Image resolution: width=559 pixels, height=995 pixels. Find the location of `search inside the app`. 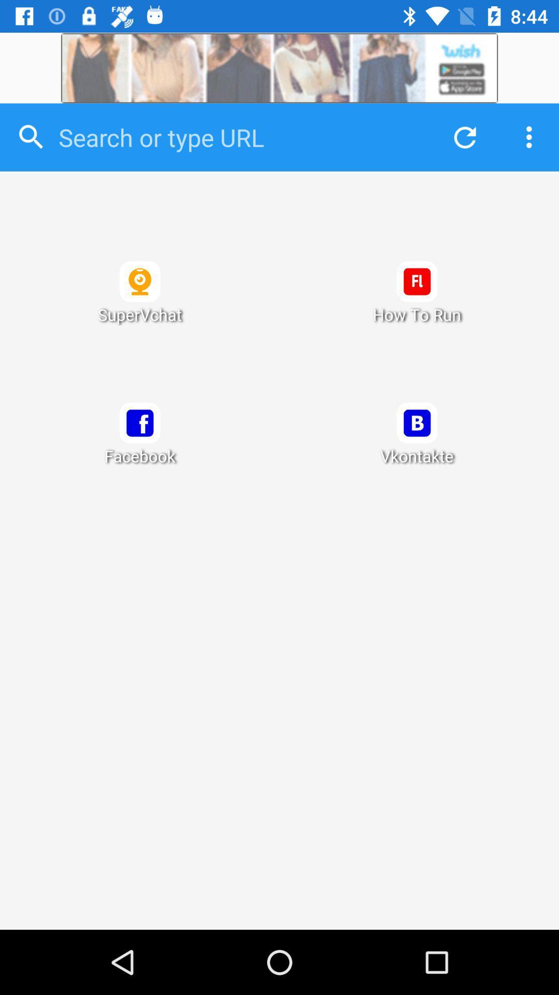

search inside the app is located at coordinates (239, 137).